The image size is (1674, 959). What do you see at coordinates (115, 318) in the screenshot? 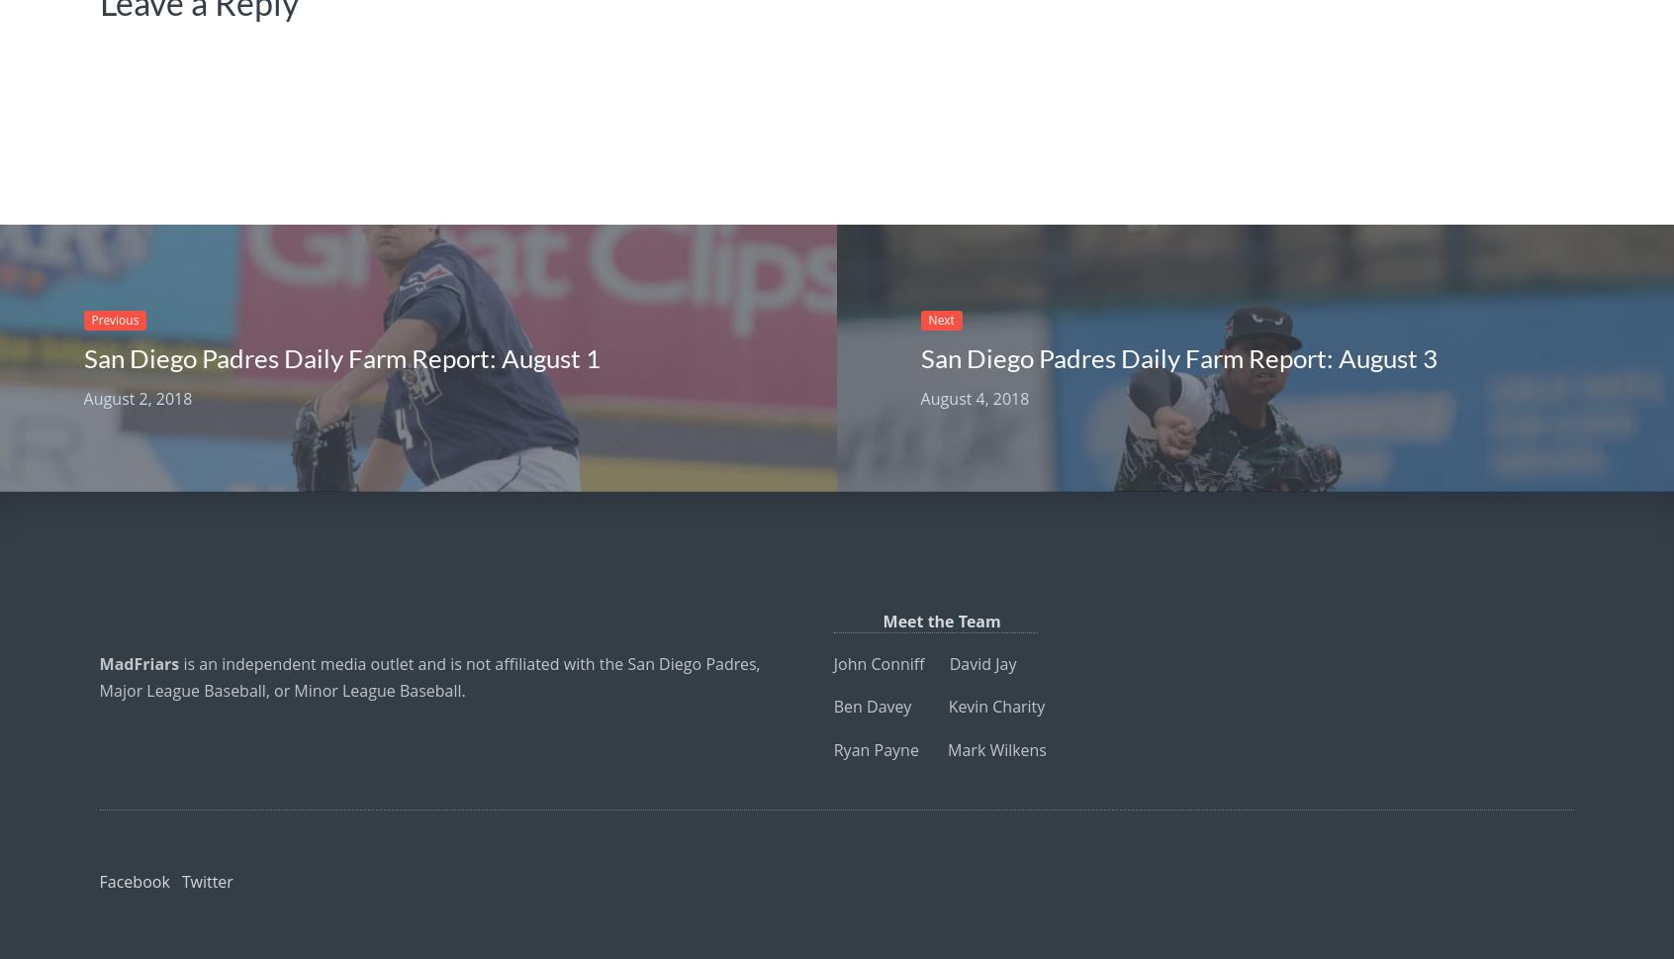
I see `'Previous'` at bounding box center [115, 318].